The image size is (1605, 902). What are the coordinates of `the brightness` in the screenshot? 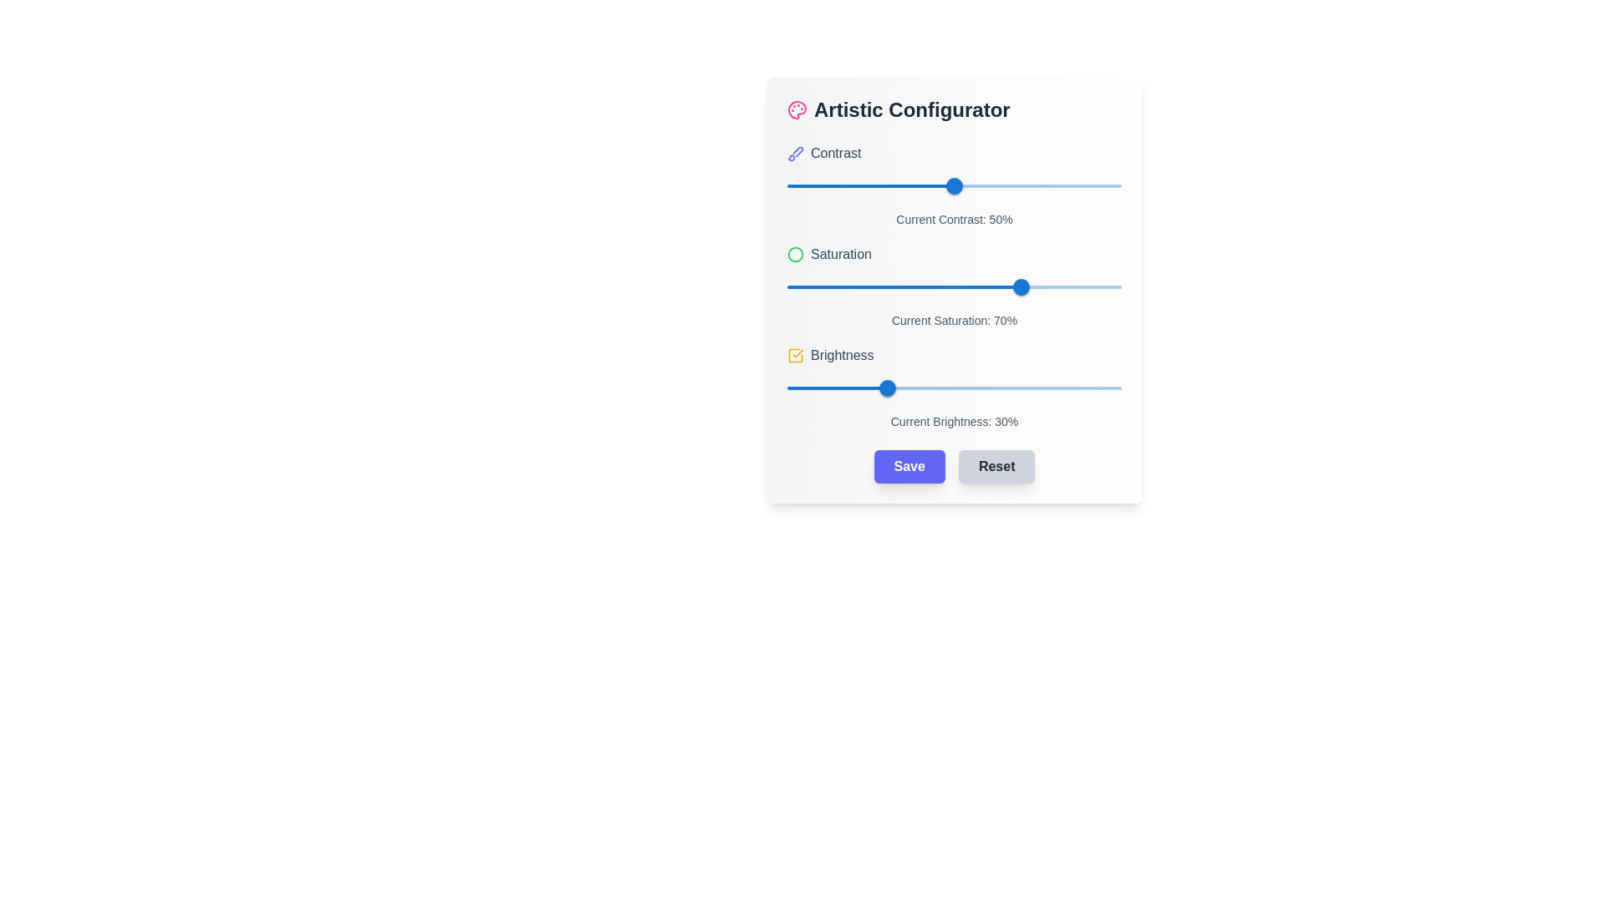 It's located at (1104, 388).